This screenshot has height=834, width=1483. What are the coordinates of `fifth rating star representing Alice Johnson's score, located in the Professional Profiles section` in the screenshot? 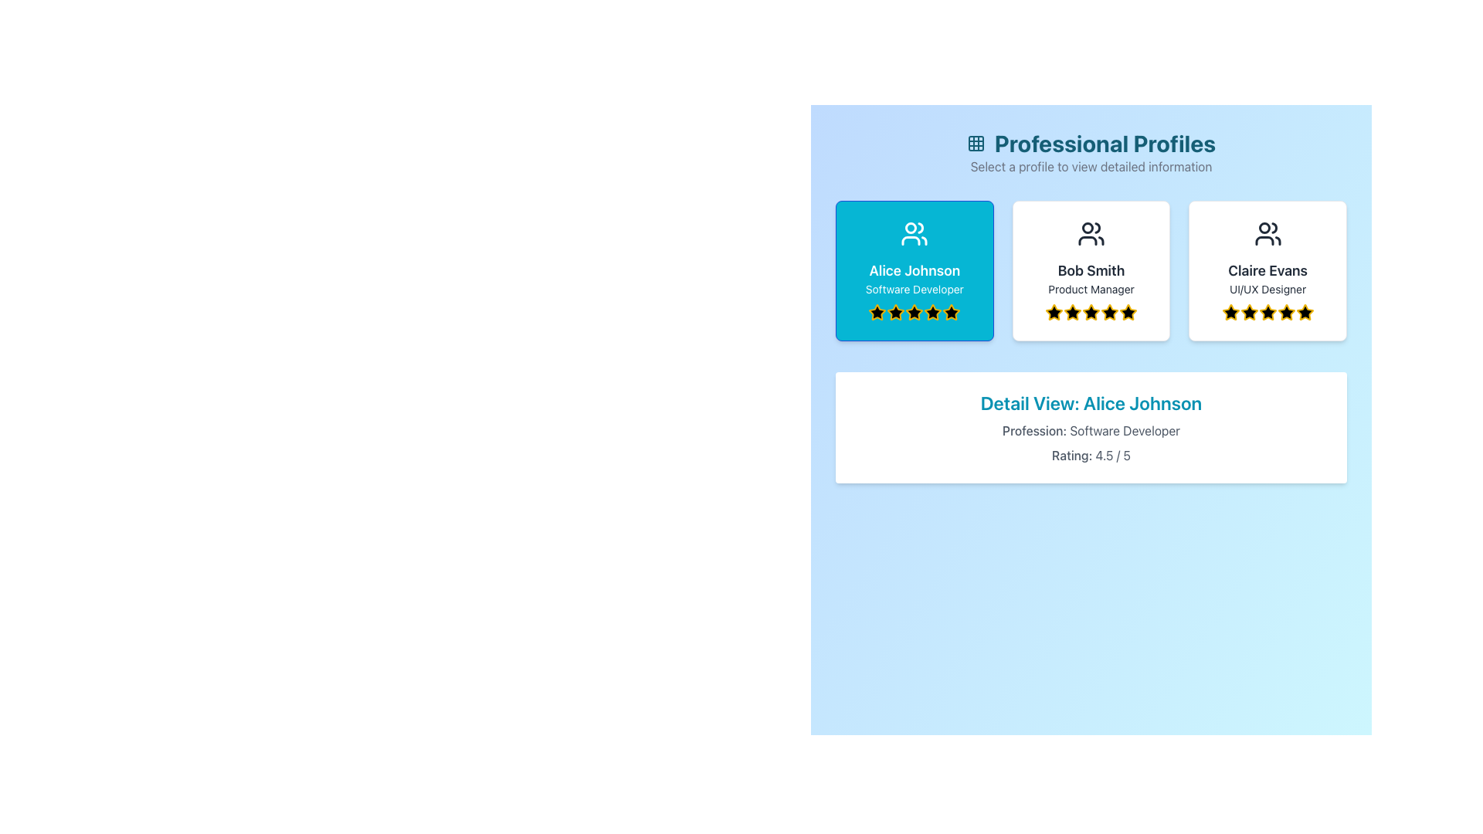 It's located at (951, 312).